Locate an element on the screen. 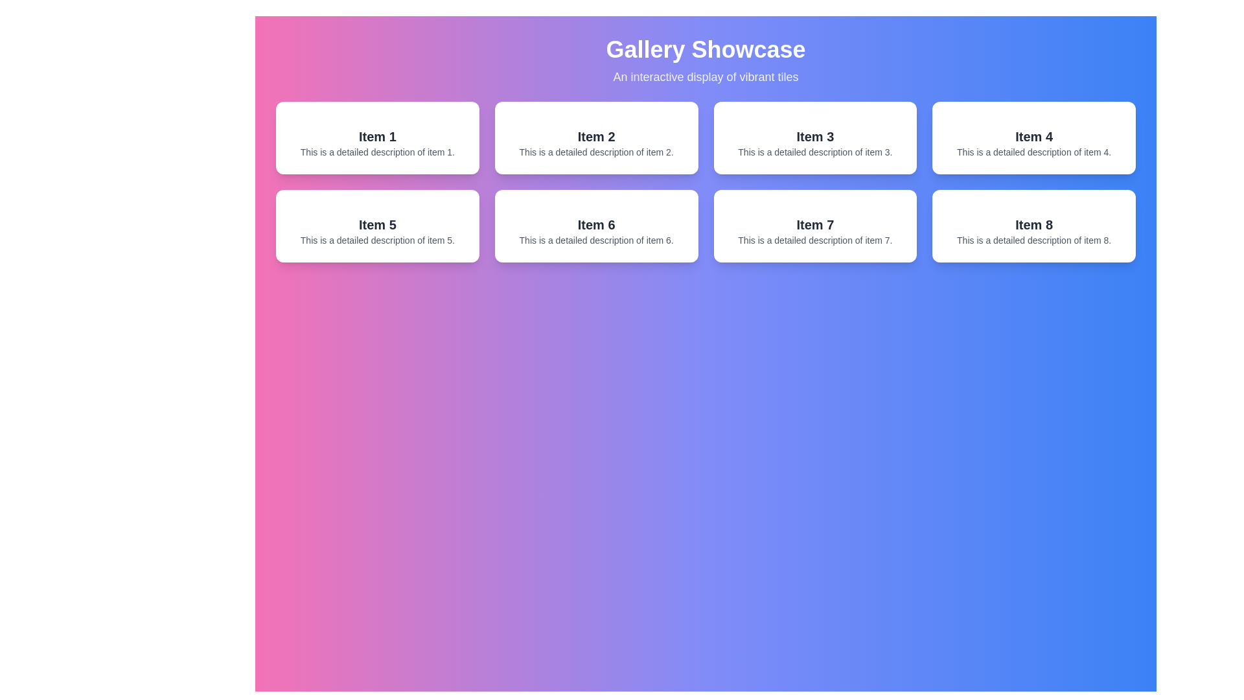 The width and height of the screenshot is (1244, 700). title text of the card located in the second row, fourth column of the grid layout is located at coordinates (1033, 224).